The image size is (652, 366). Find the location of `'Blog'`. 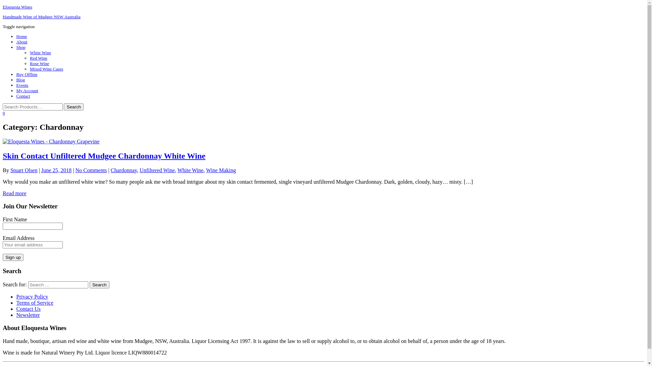

'Blog' is located at coordinates (20, 79).